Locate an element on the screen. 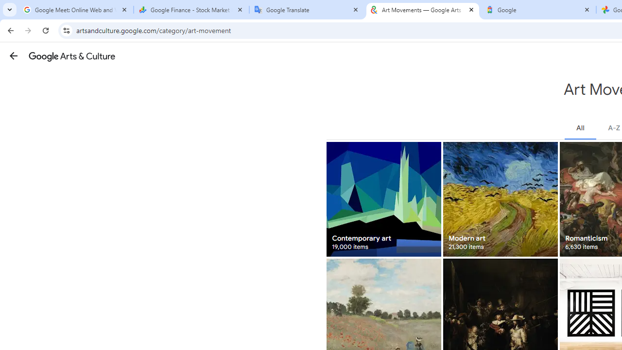 This screenshot has height=350, width=622. 'Google Translate' is located at coordinates (307, 10).